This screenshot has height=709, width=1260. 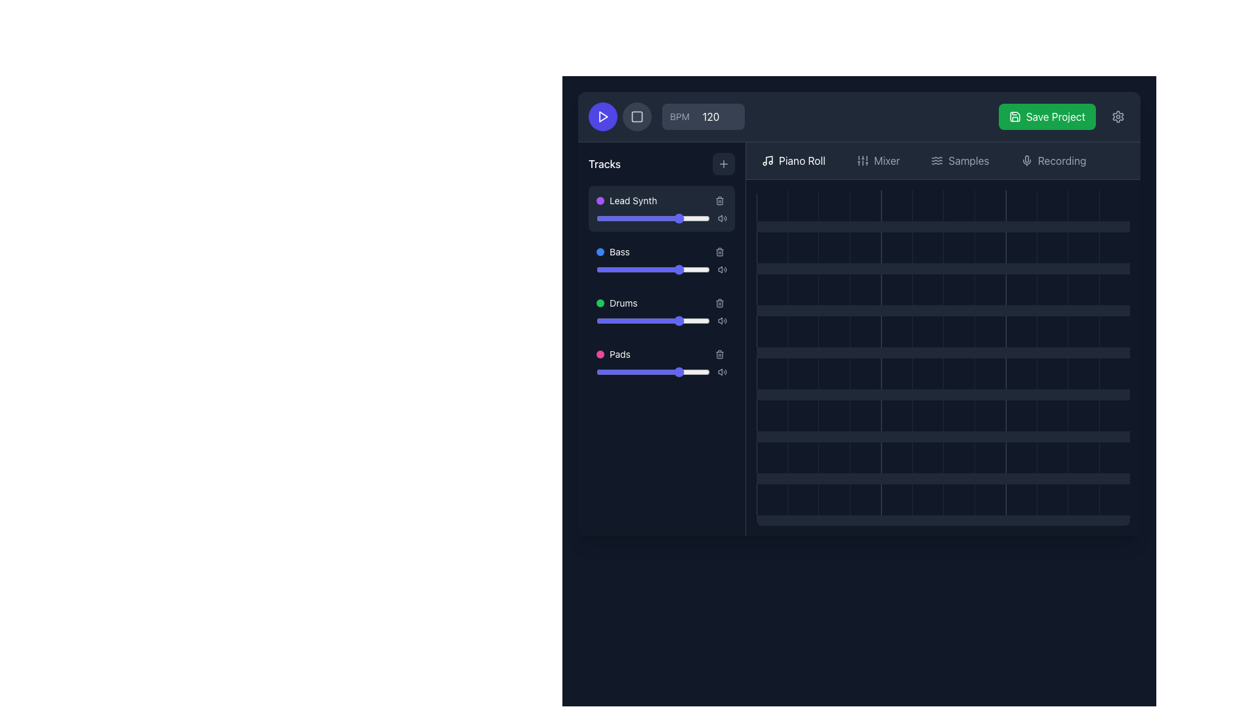 What do you see at coordinates (936, 160) in the screenshot?
I see `the icon with three wavy parallel lines located in the upper navigation bar of the application` at bounding box center [936, 160].